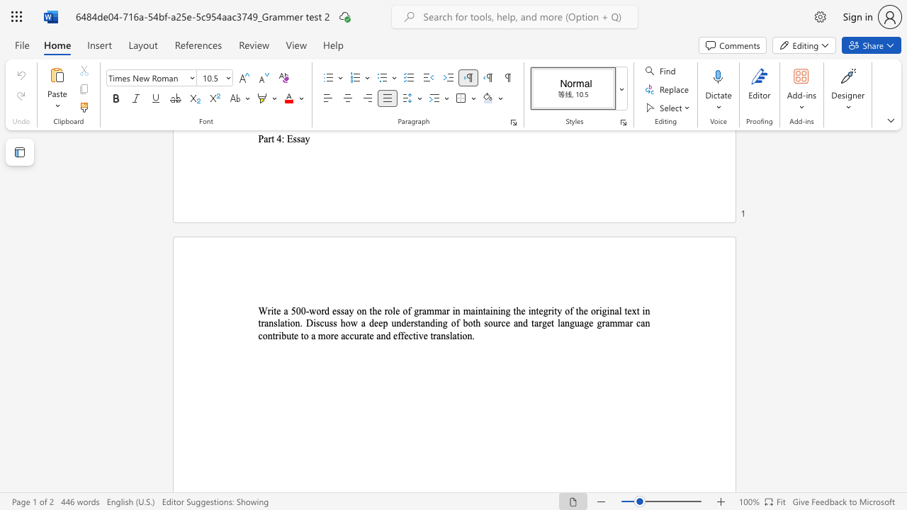  What do you see at coordinates (550, 323) in the screenshot?
I see `the space between the continuous character "e" and "t" in the text` at bounding box center [550, 323].